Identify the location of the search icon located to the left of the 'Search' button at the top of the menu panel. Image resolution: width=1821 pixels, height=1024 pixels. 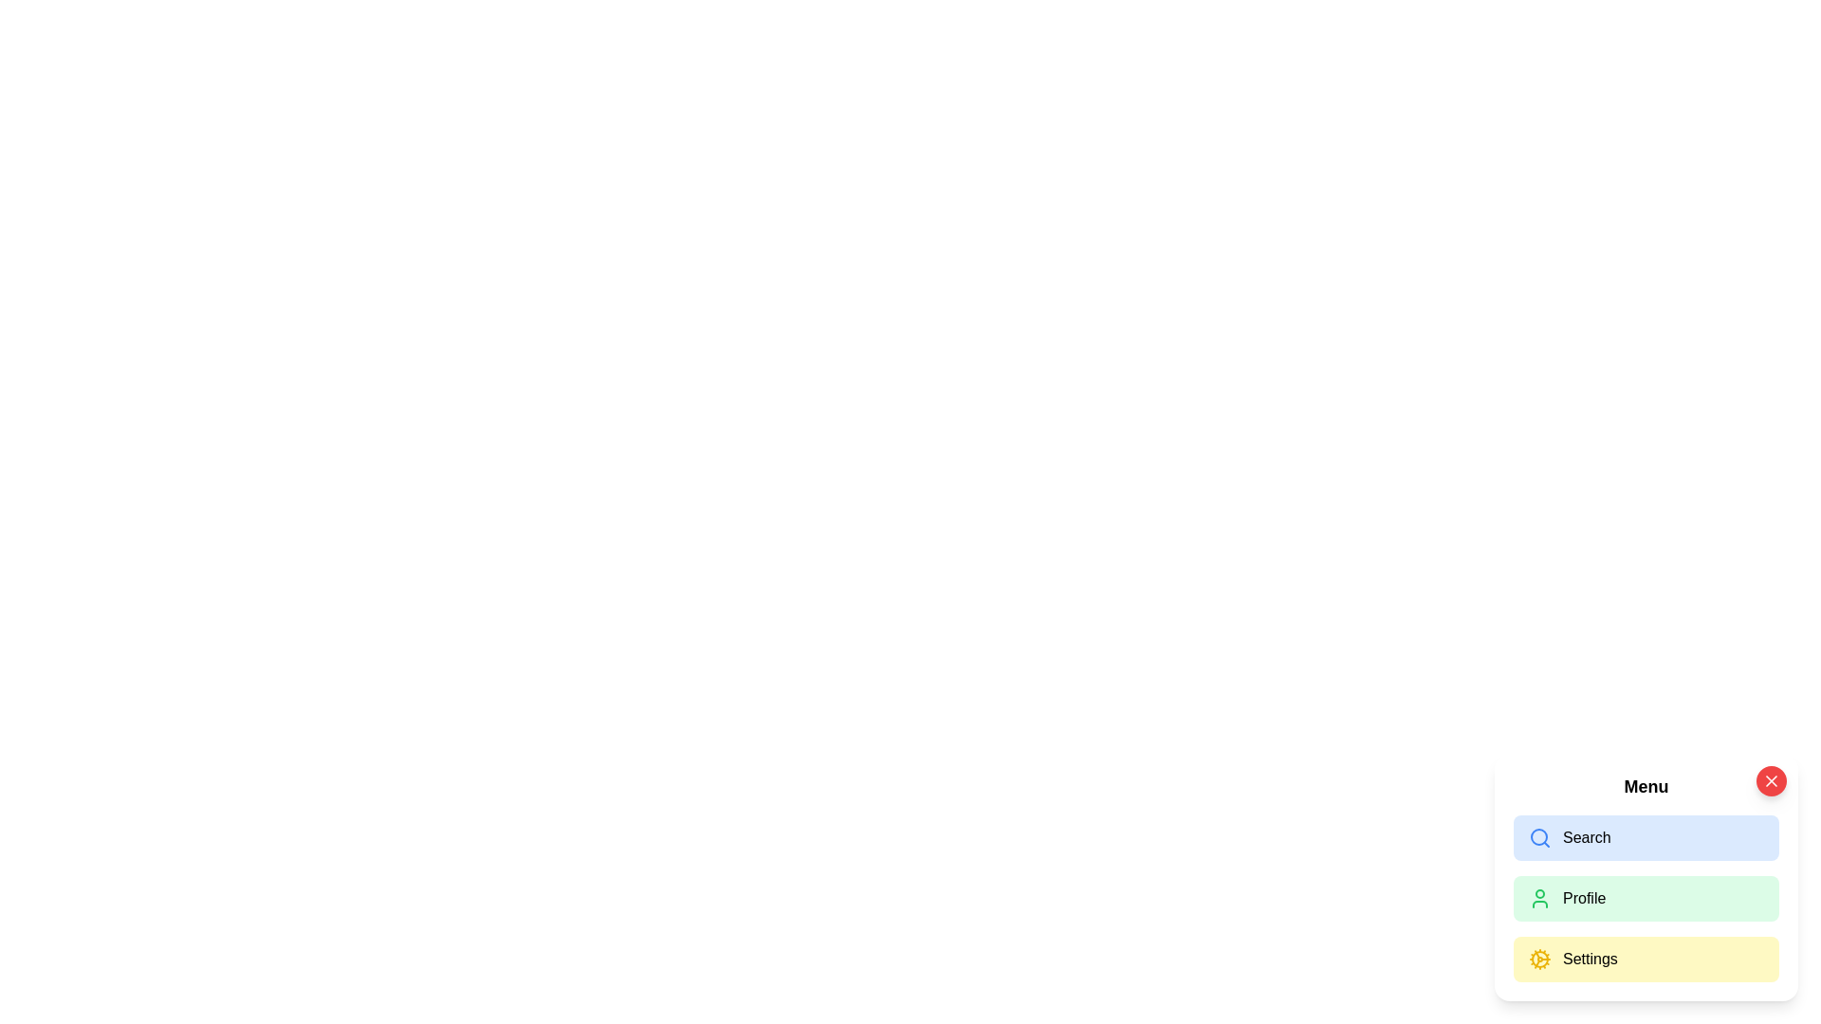
(1539, 836).